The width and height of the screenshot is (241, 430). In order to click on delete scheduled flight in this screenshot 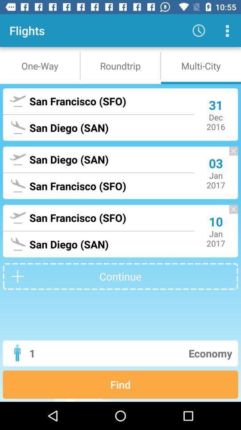, I will do `click(229, 214)`.